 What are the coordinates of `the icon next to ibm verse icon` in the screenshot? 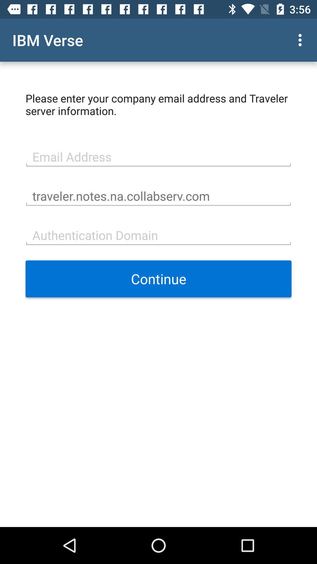 It's located at (301, 40).